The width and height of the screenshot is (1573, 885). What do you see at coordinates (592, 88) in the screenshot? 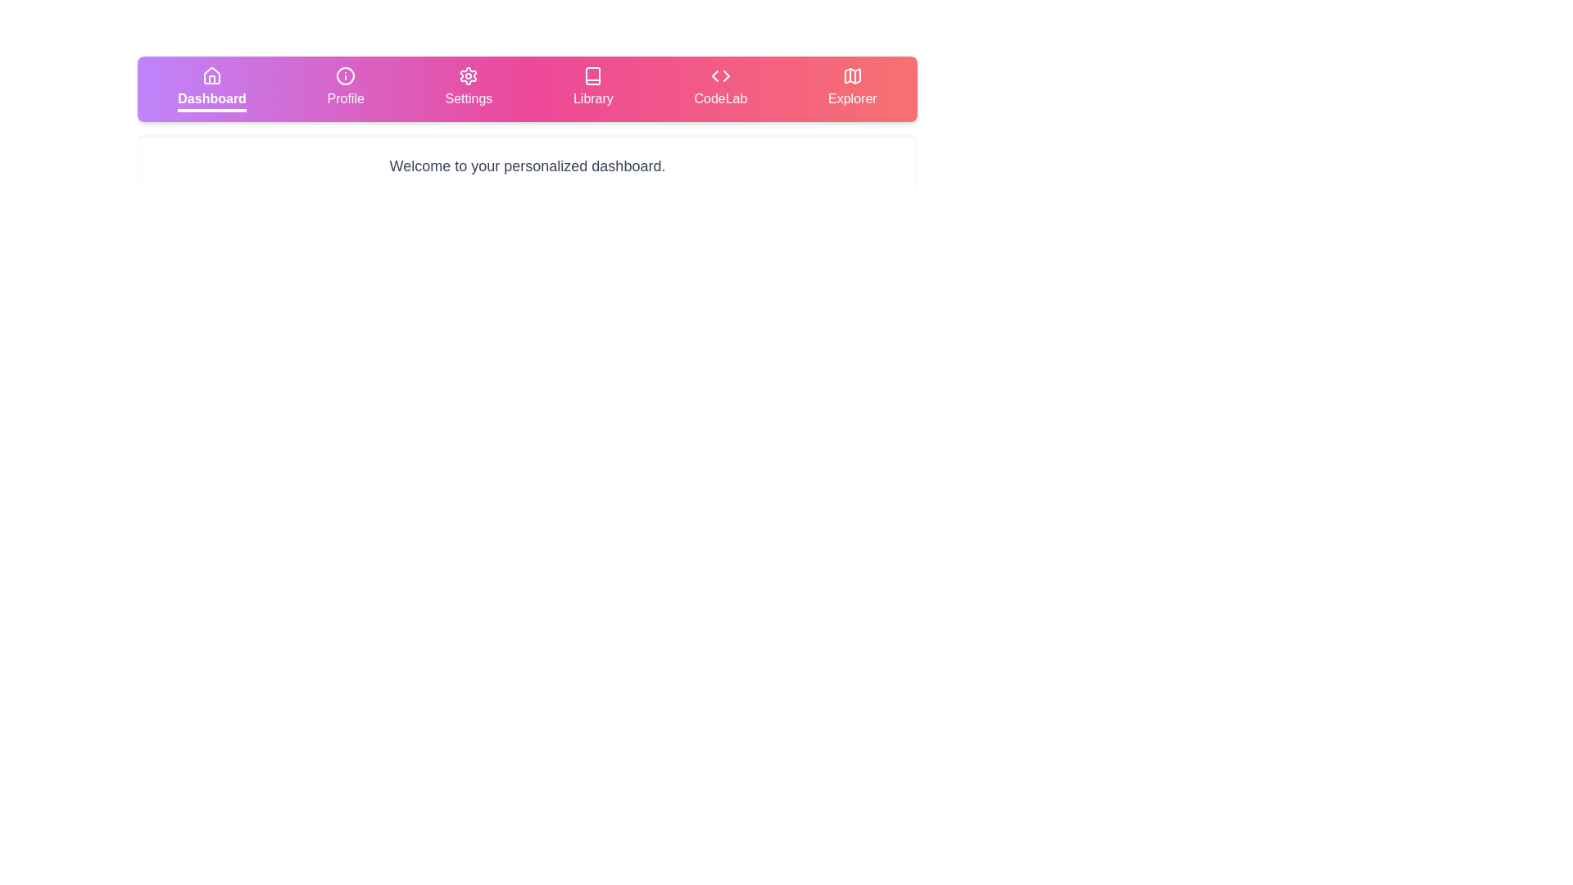
I see `the tab labeled Library to display its content` at bounding box center [592, 88].